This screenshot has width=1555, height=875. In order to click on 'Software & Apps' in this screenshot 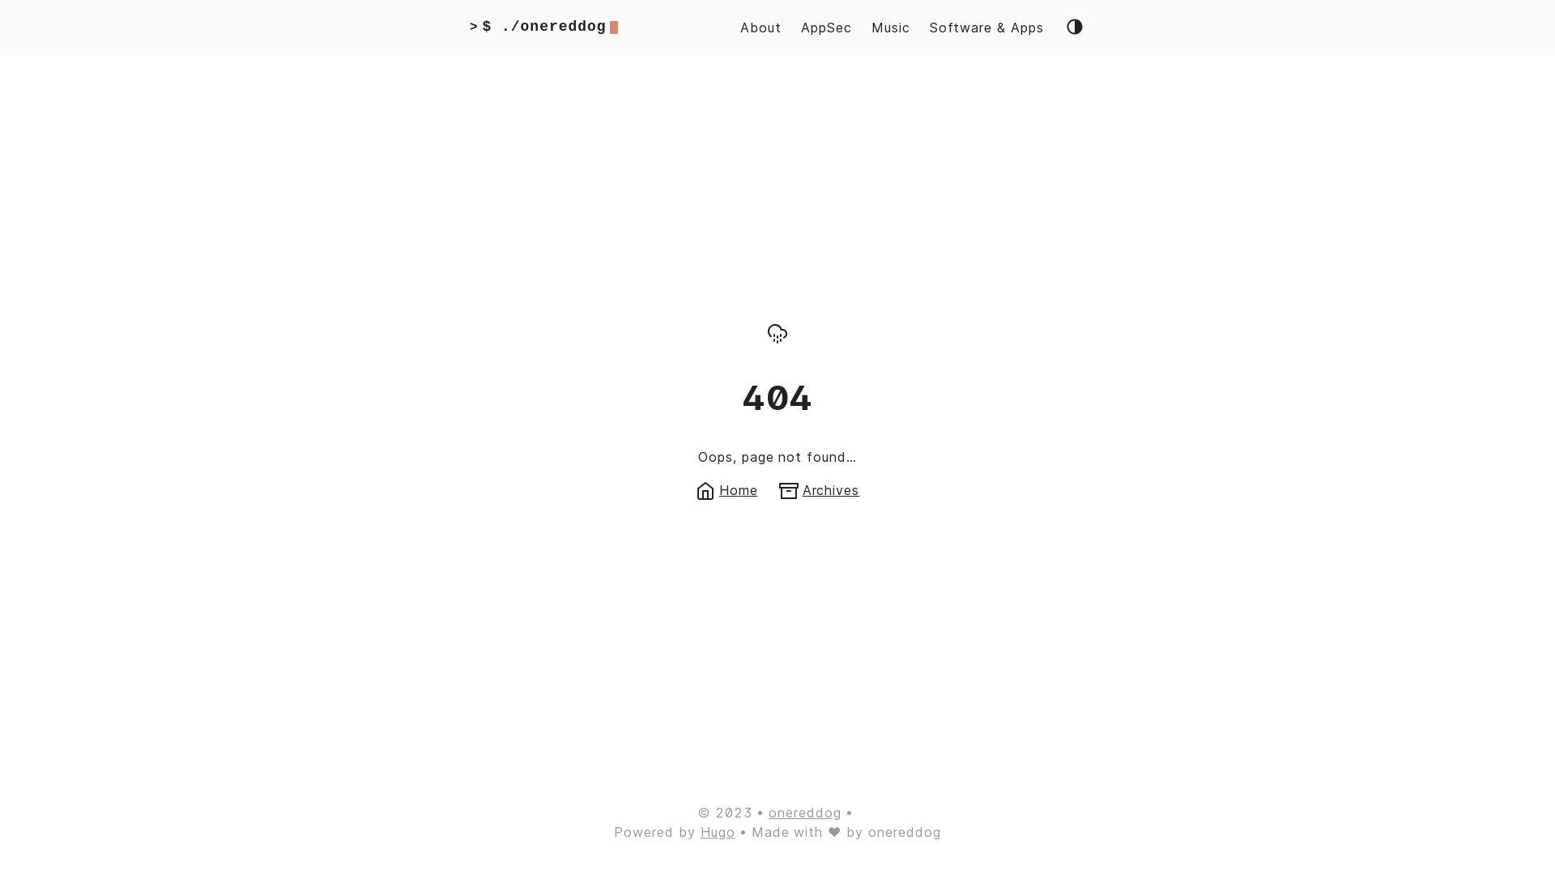, I will do `click(929, 28)`.